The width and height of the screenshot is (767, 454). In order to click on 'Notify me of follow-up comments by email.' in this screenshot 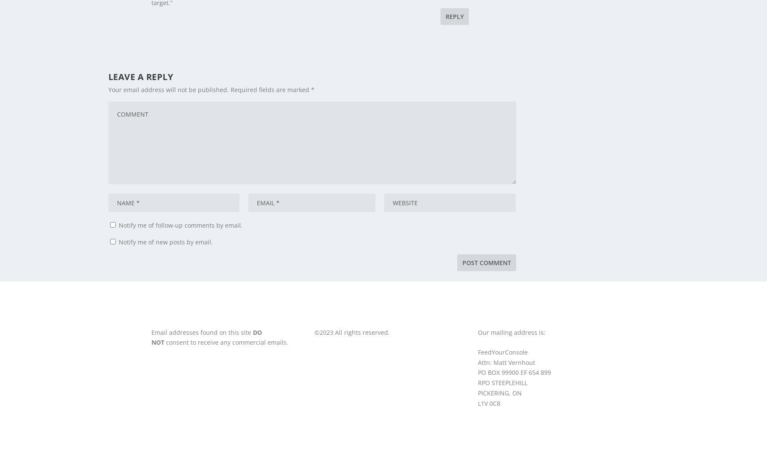, I will do `click(180, 225)`.